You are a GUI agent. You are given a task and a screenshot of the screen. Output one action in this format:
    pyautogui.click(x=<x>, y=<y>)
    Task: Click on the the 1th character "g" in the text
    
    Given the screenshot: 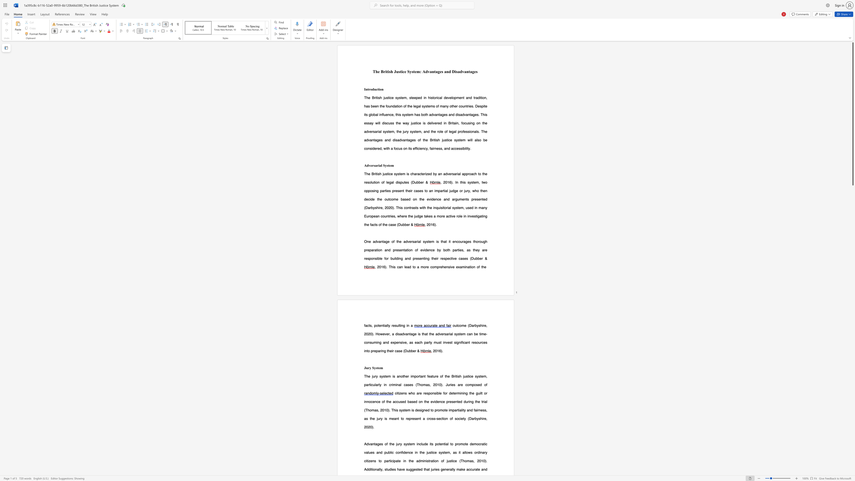 What is the action you would take?
    pyautogui.click(x=442, y=469)
    